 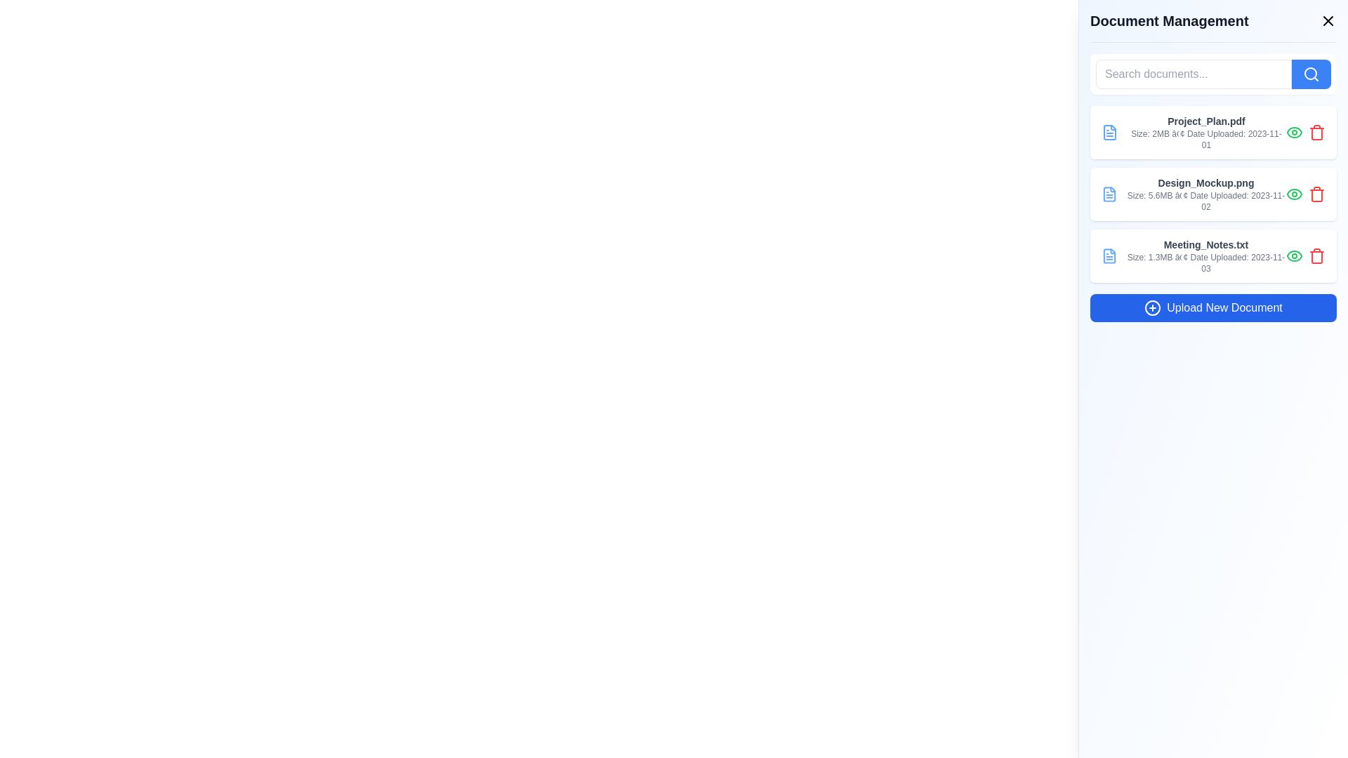 What do you see at coordinates (1205, 201) in the screenshot?
I see `the Text Label displaying the metadata for the file 'Design_Mockup.png', which shows its size (5.6MB) and upload date (2023-11-02)` at bounding box center [1205, 201].